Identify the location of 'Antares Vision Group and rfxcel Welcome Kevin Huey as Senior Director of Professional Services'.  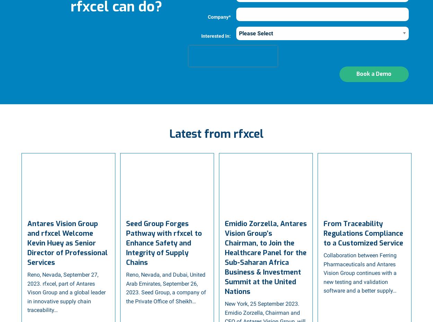
(67, 243).